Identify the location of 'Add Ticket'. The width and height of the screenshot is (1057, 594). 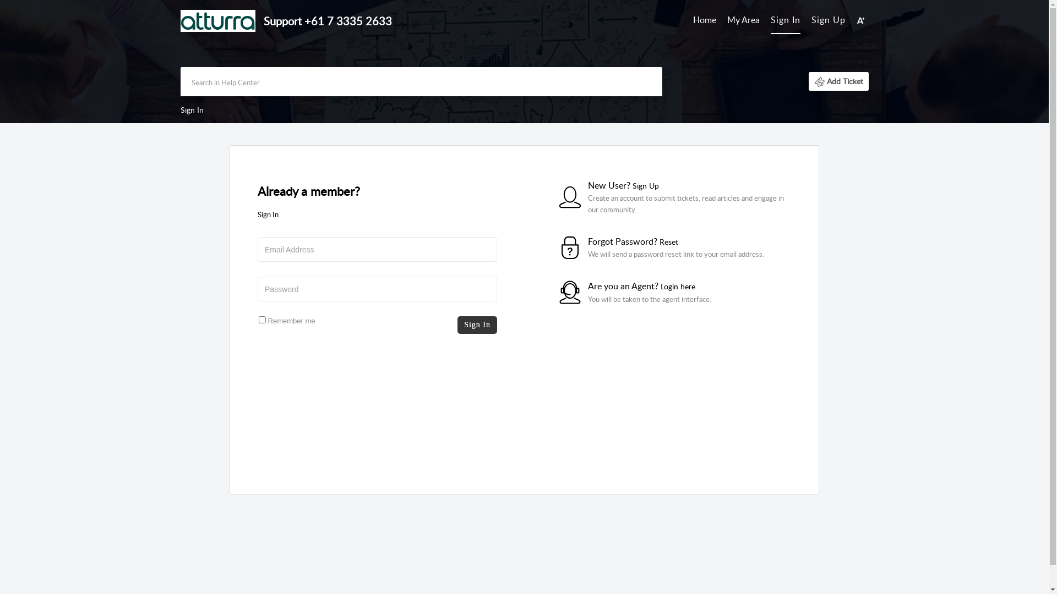
(837, 80).